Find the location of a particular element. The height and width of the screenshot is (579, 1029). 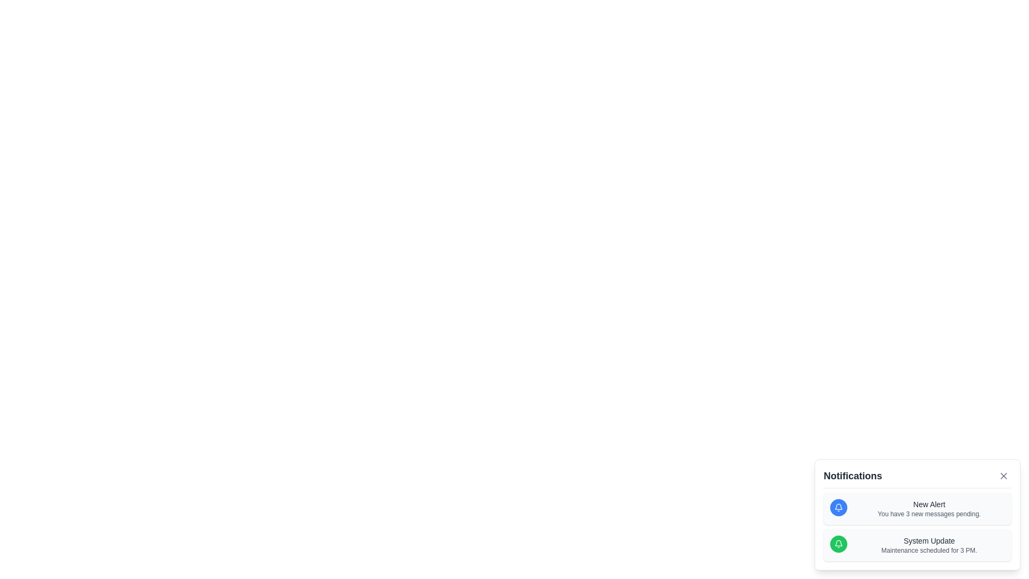

the dismiss button in the top-right corner of the notifications panel is located at coordinates (1003, 475).